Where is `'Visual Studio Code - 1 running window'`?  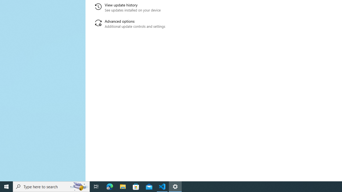
'Visual Studio Code - 1 running window' is located at coordinates (162, 186).